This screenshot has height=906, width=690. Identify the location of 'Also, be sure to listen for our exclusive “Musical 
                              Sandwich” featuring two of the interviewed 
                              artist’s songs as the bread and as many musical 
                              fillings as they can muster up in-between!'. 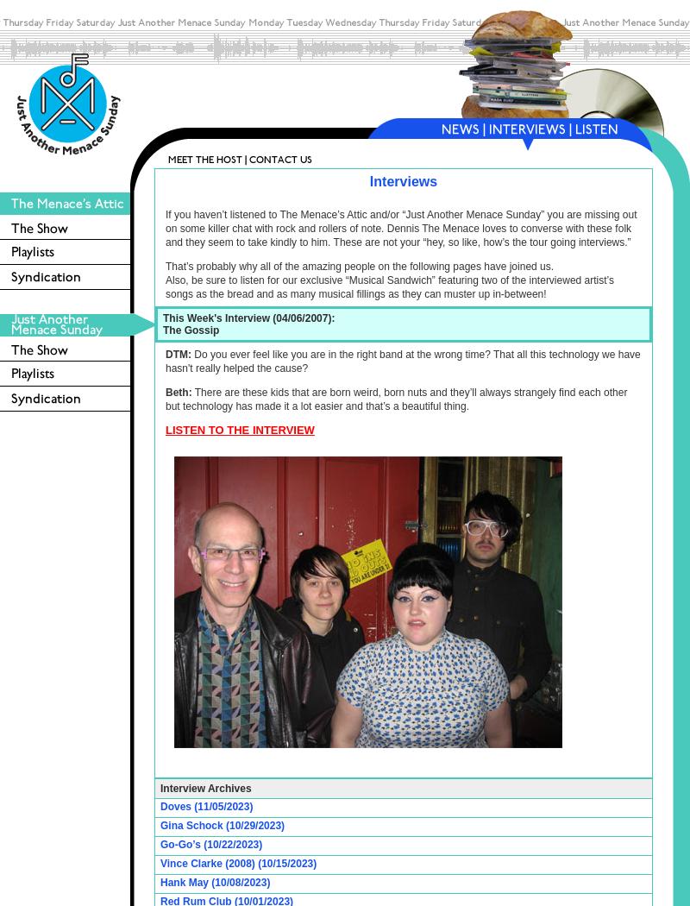
(388, 286).